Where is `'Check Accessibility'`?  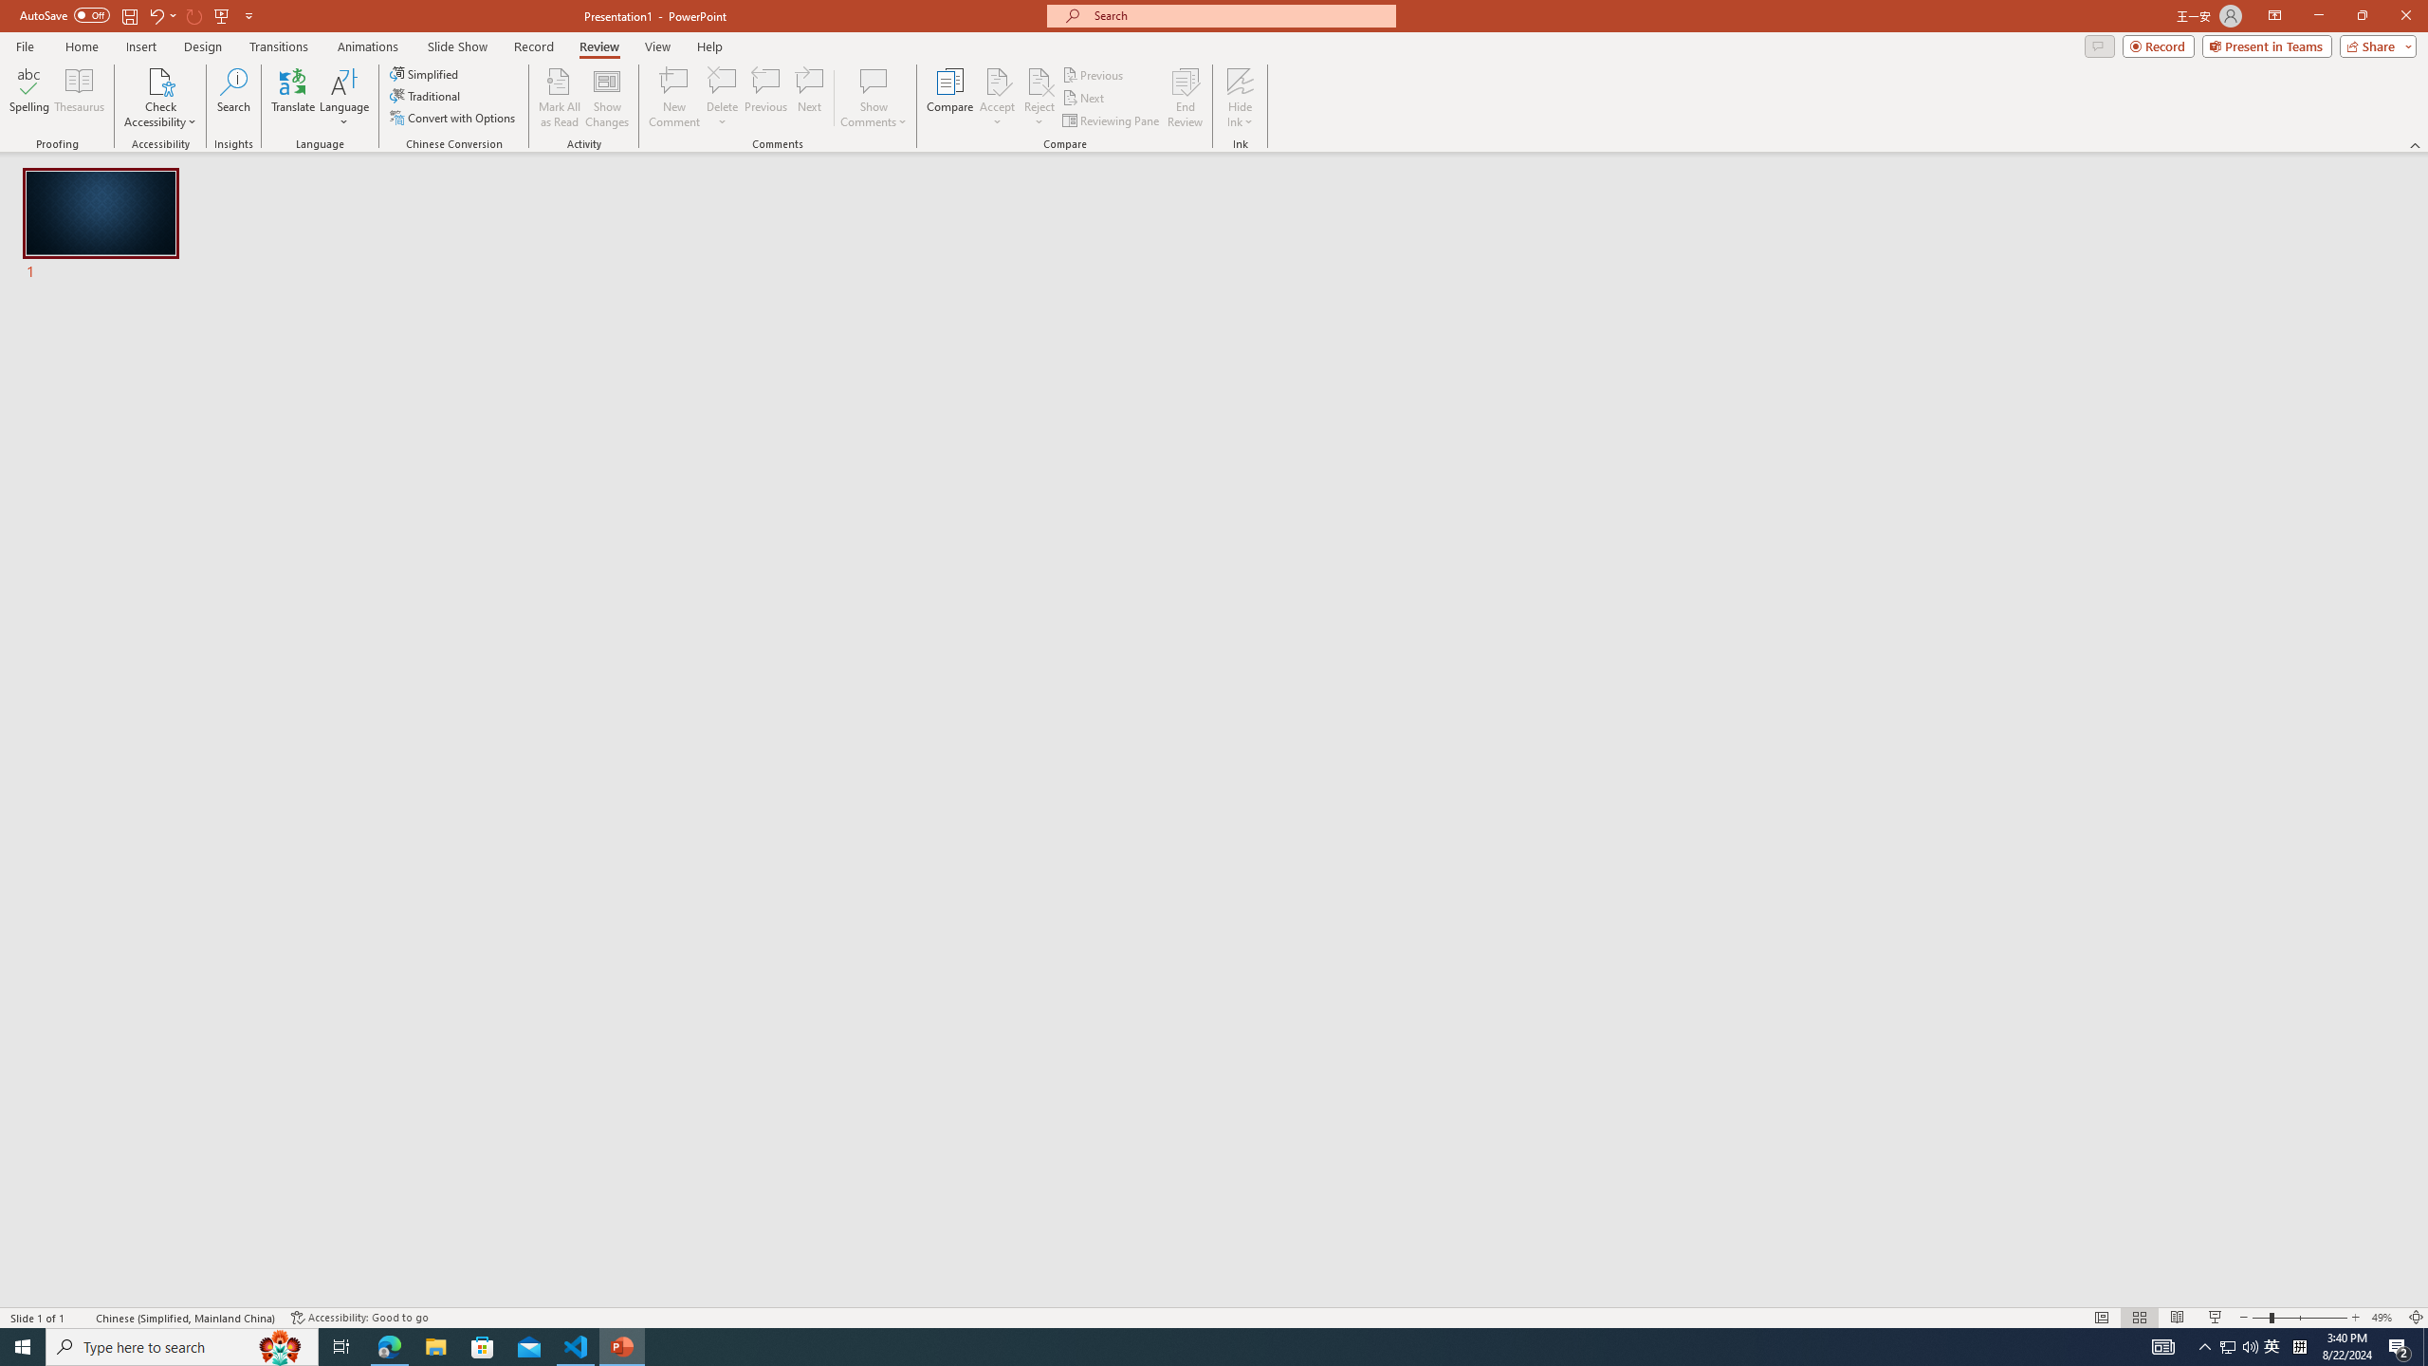 'Check Accessibility' is located at coordinates (158, 80).